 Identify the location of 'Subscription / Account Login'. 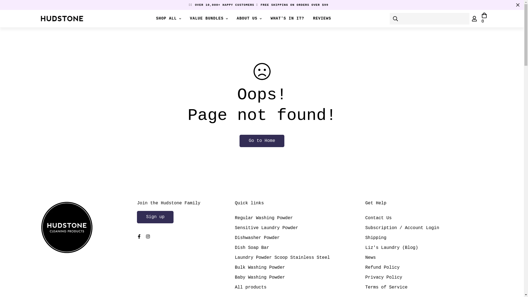
(402, 228).